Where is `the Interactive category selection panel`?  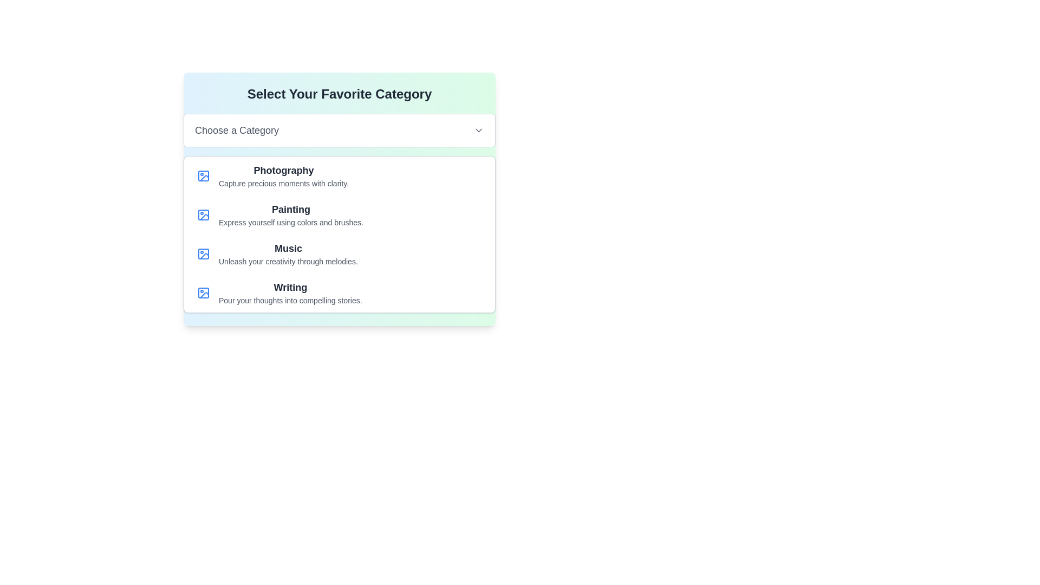
the Interactive category selection panel is located at coordinates (339, 199).